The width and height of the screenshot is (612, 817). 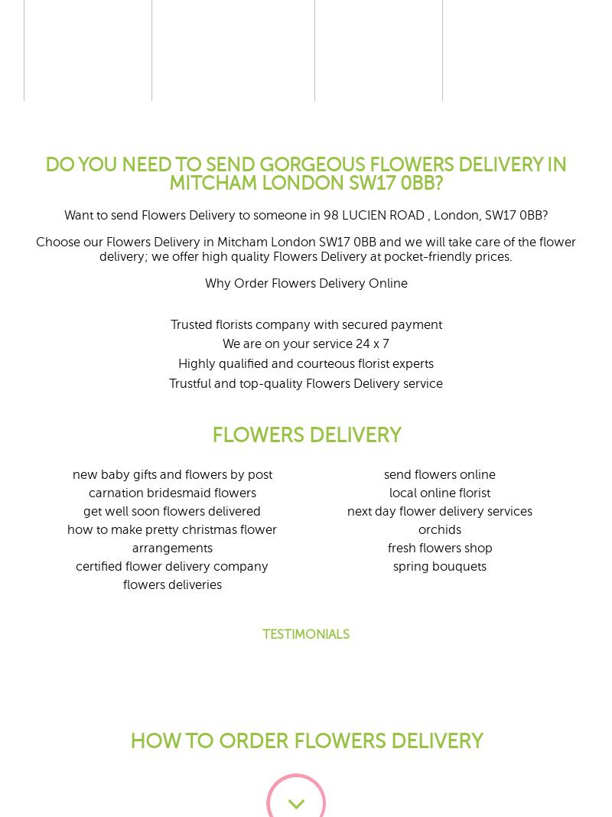 What do you see at coordinates (171, 566) in the screenshot?
I see `'certified flower delivery company'` at bounding box center [171, 566].